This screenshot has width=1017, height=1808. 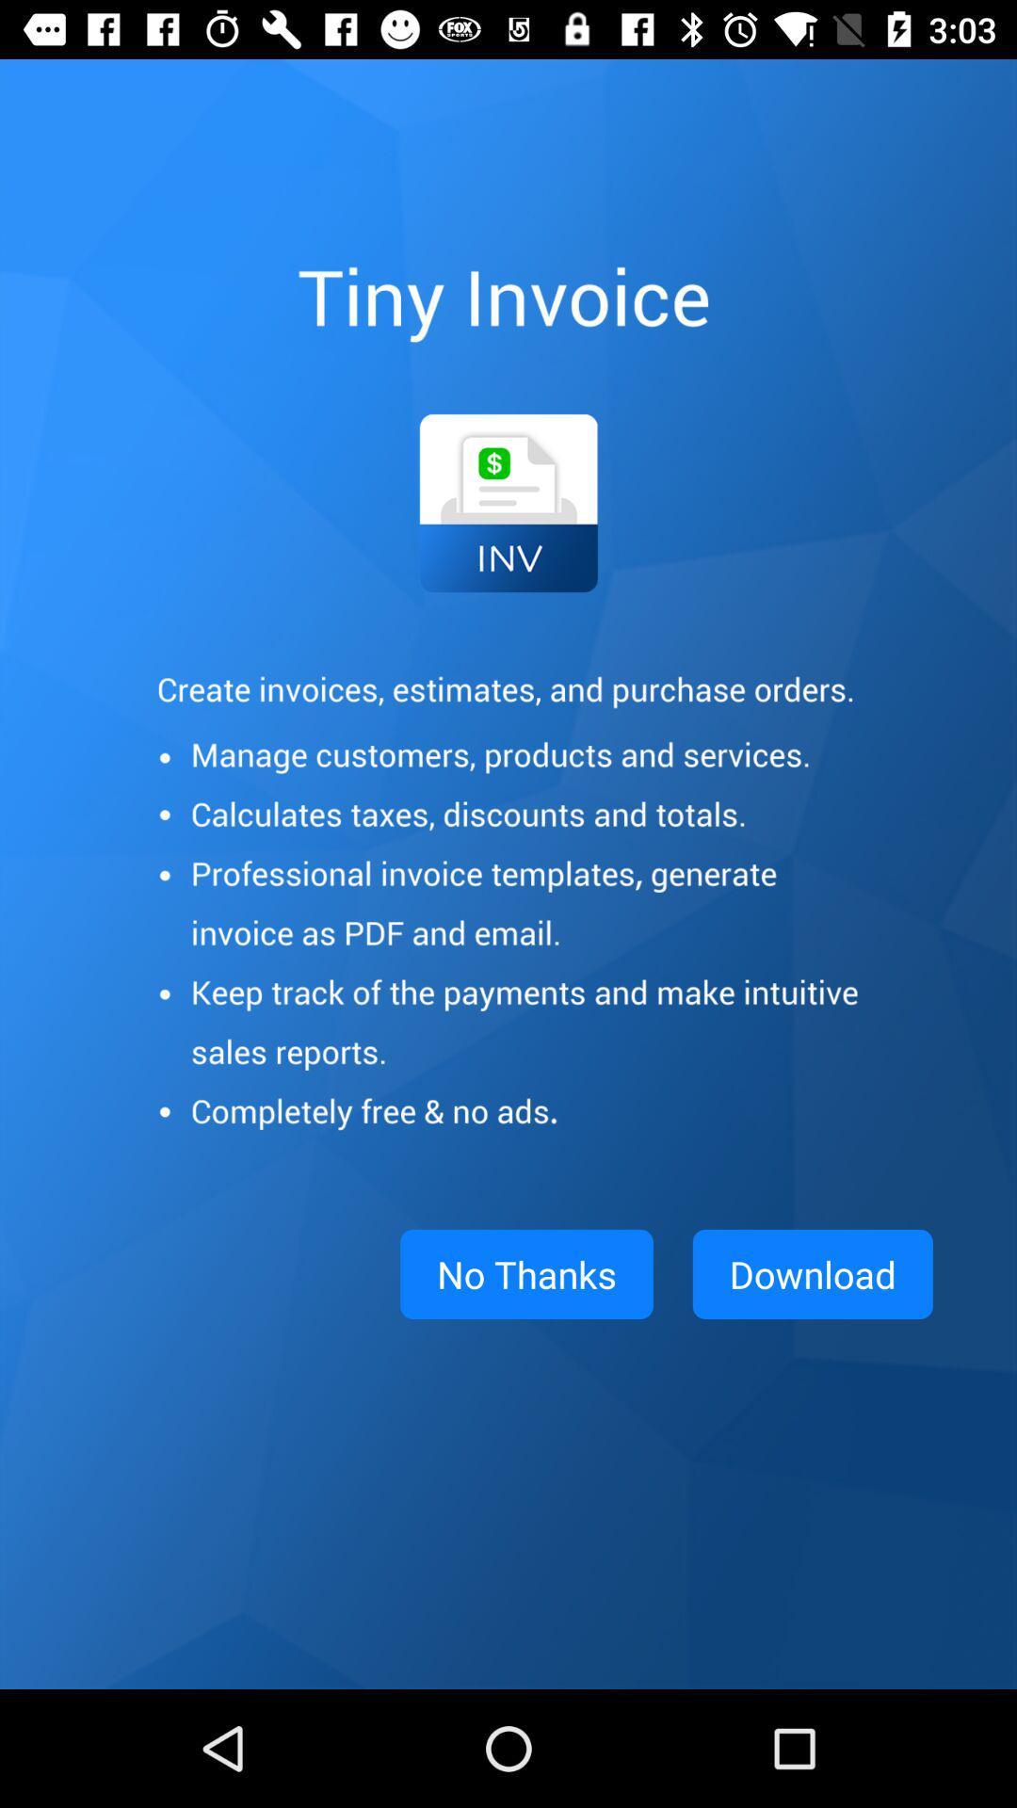 I want to click on item next to no thanks app, so click(x=812, y=1274).